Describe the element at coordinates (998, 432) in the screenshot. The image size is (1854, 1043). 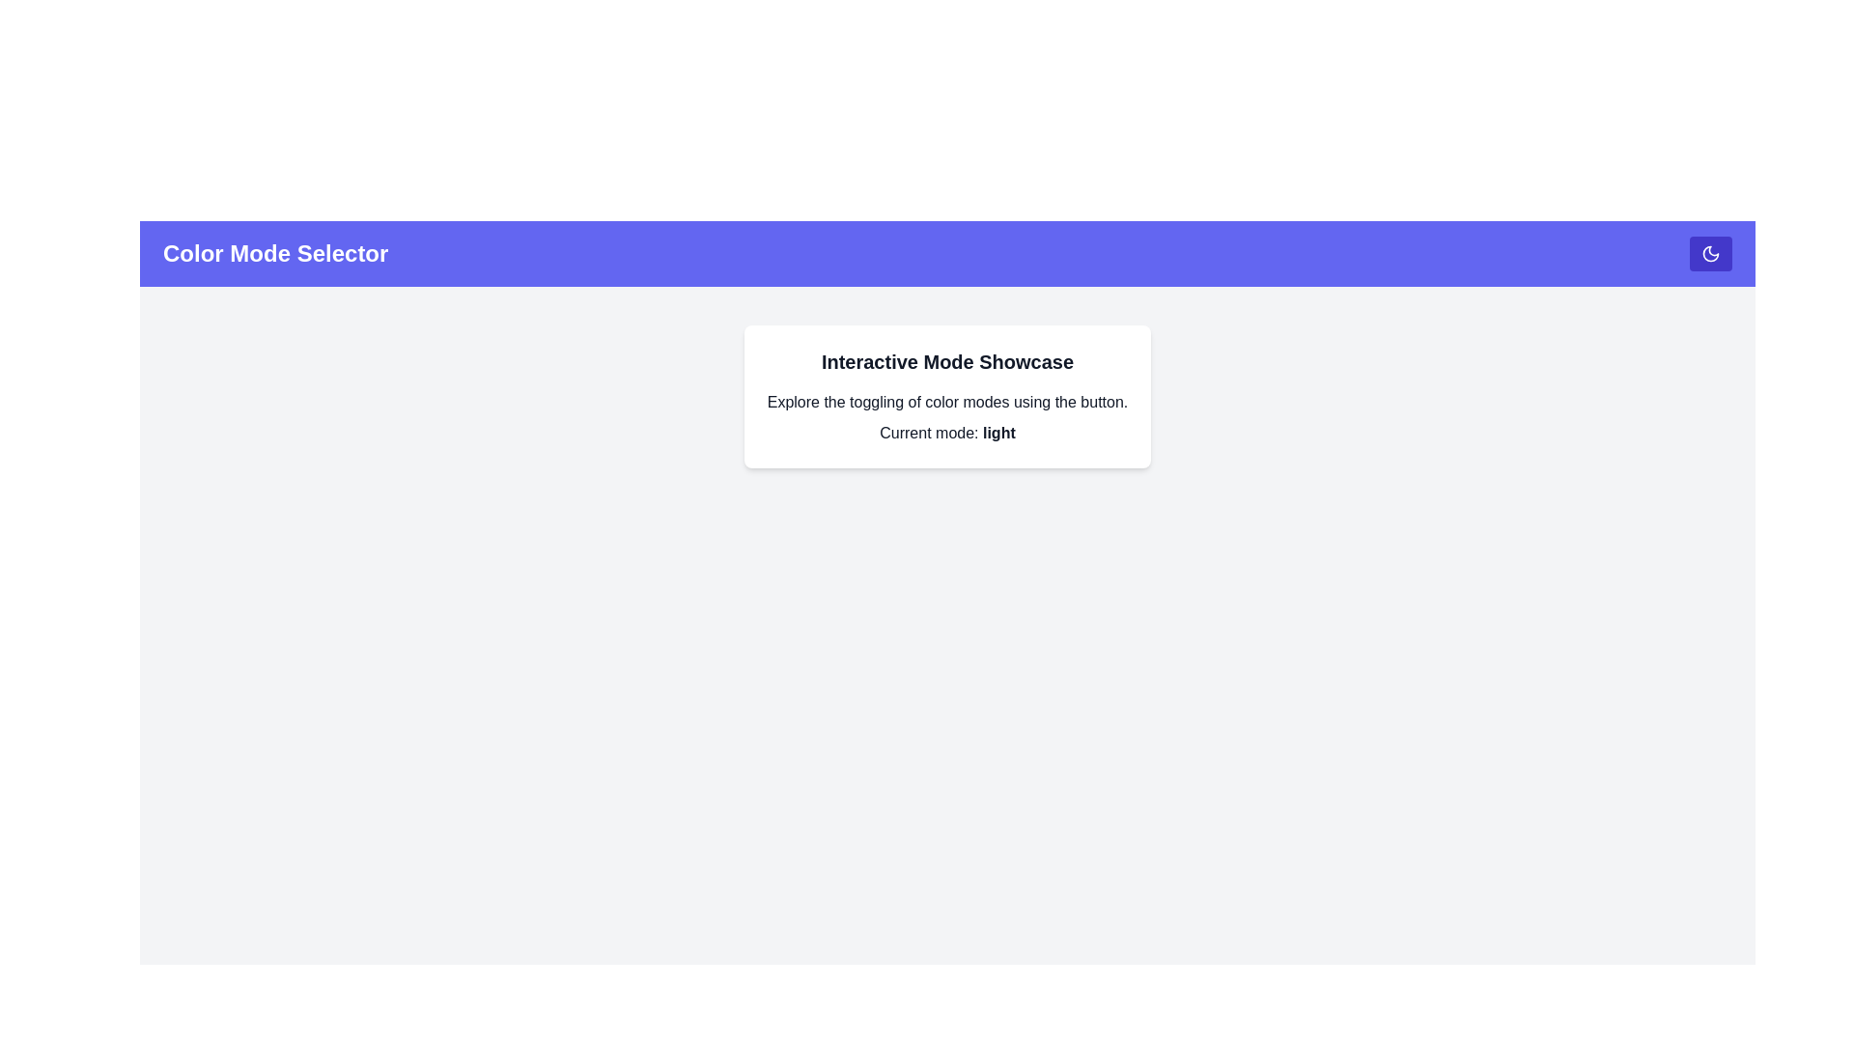
I see `the static text 'light' which is displayed in bold black font, part of the sentence 'Current mode: light', located in the center panel of the page within the 'Interactive Mode Showcase' card` at that location.